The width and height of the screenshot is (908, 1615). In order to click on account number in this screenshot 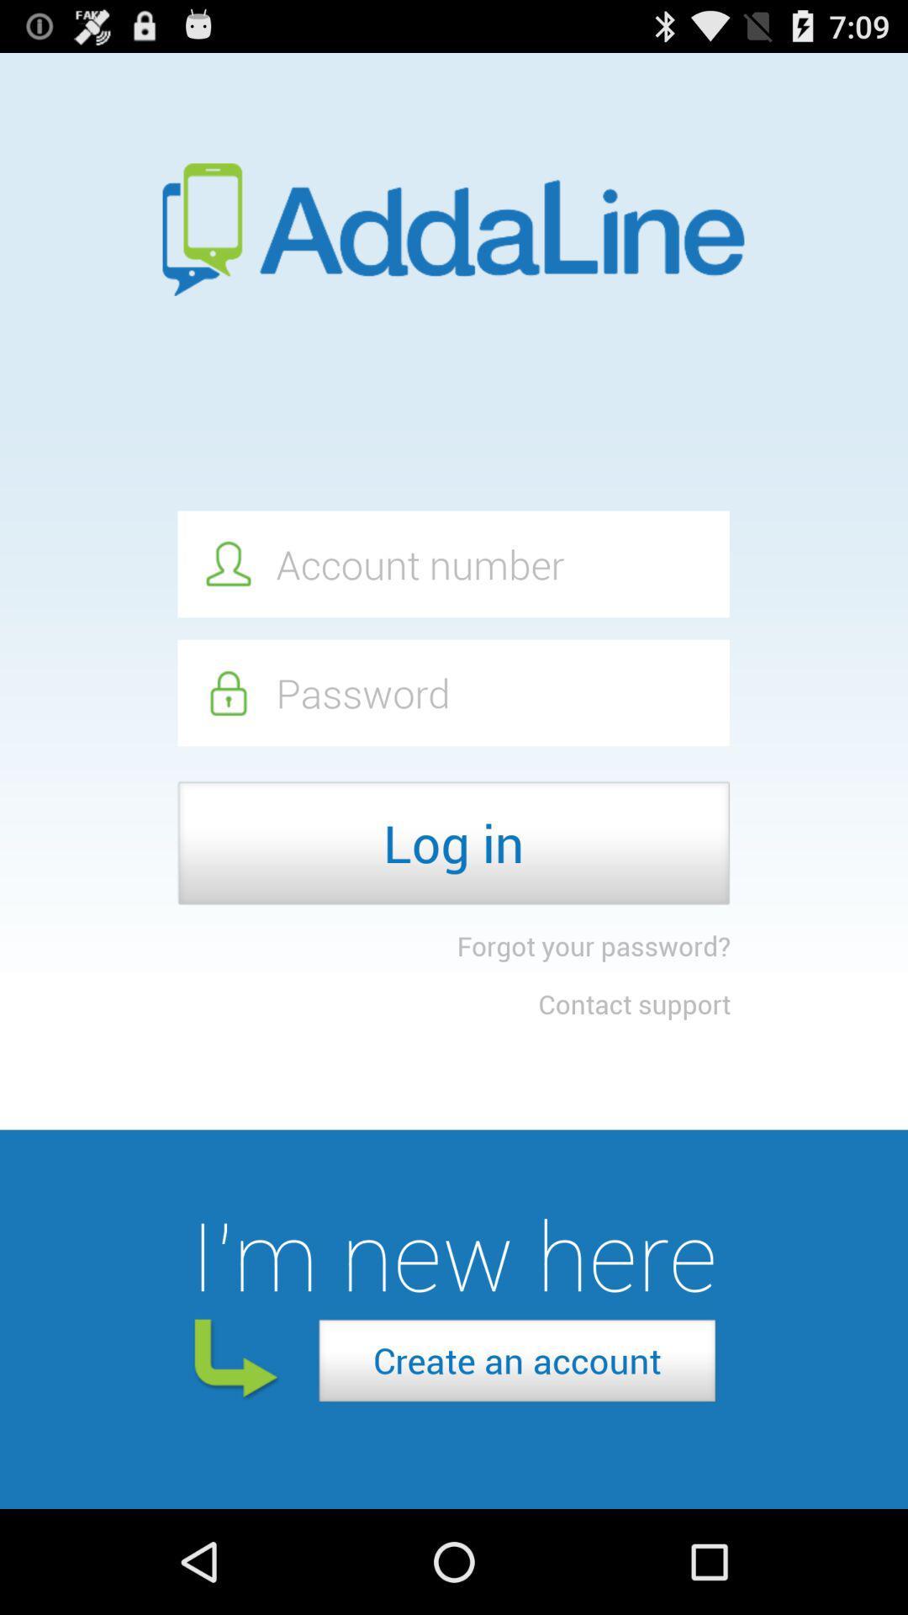, I will do `click(452, 564)`.